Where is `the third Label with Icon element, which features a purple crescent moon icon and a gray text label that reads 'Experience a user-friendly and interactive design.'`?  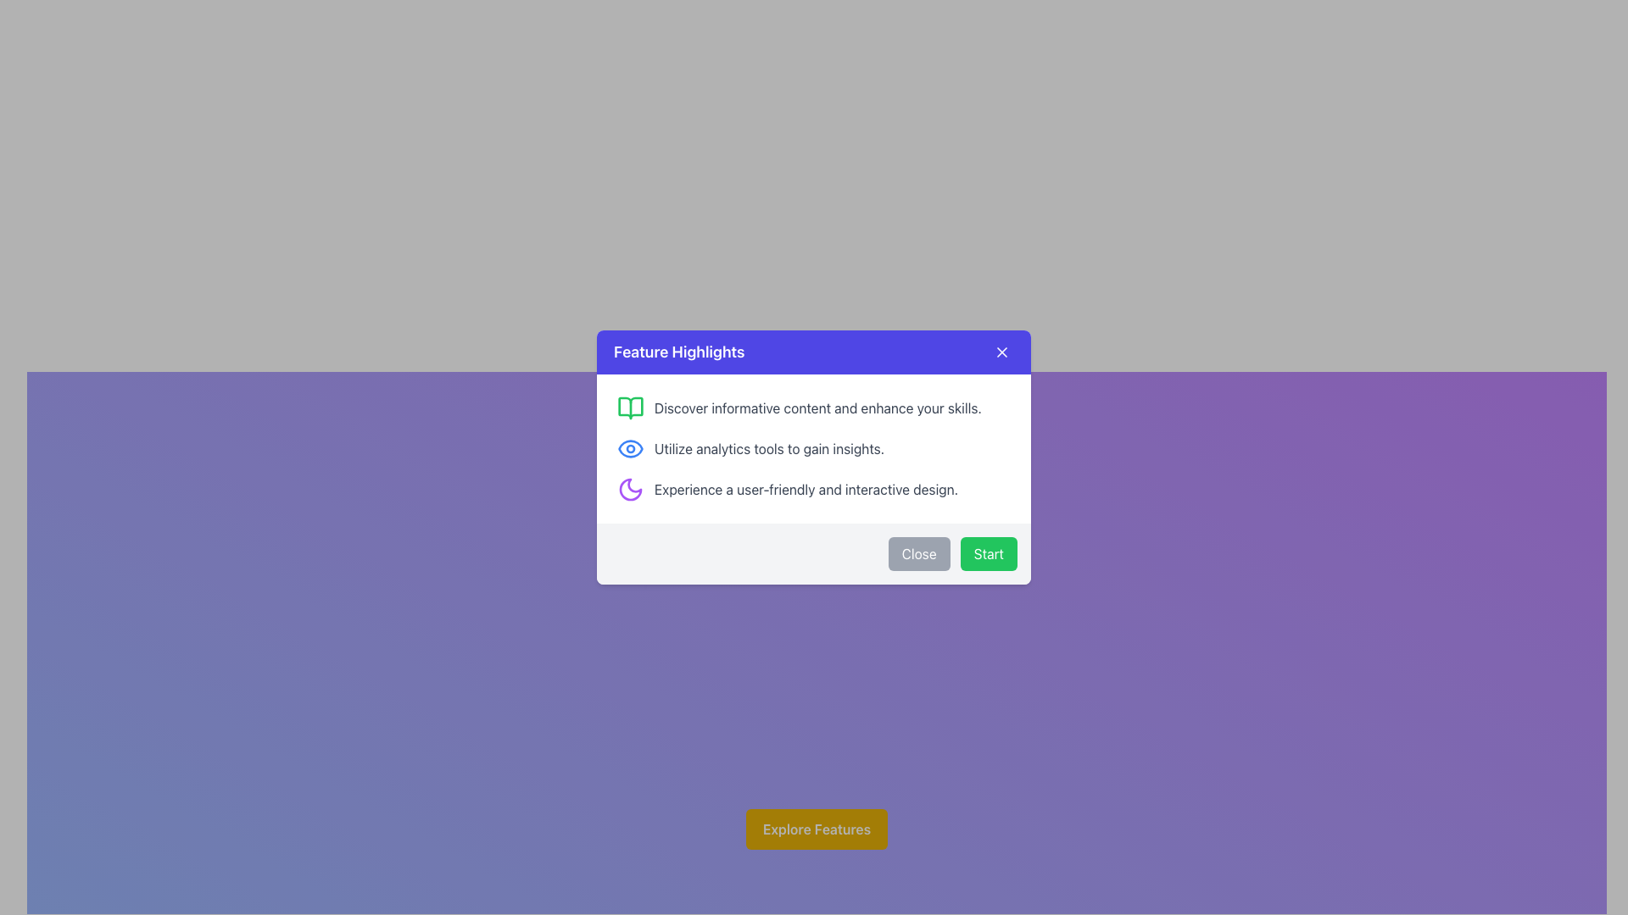 the third Label with Icon element, which features a purple crescent moon icon and a gray text label that reads 'Experience a user-friendly and interactive design.' is located at coordinates (814, 490).